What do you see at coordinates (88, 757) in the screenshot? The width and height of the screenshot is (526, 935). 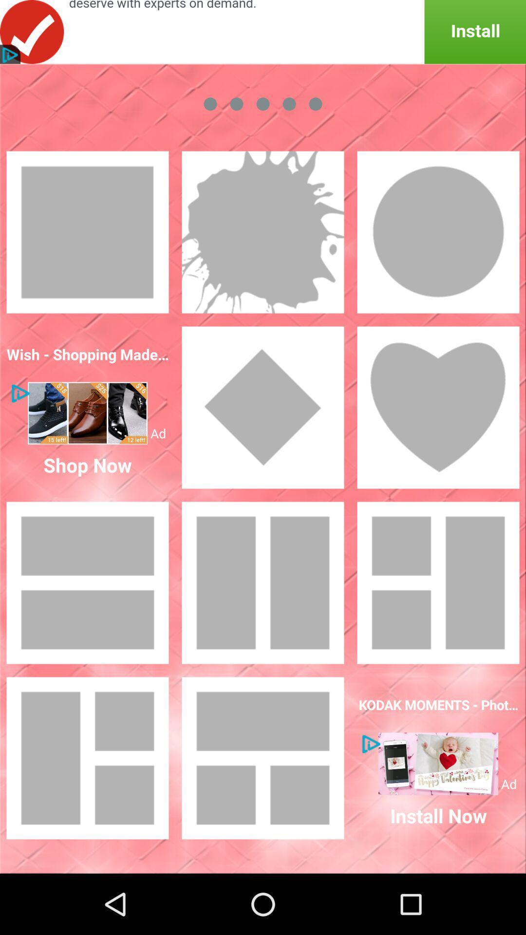 I see `selecyt model` at bounding box center [88, 757].